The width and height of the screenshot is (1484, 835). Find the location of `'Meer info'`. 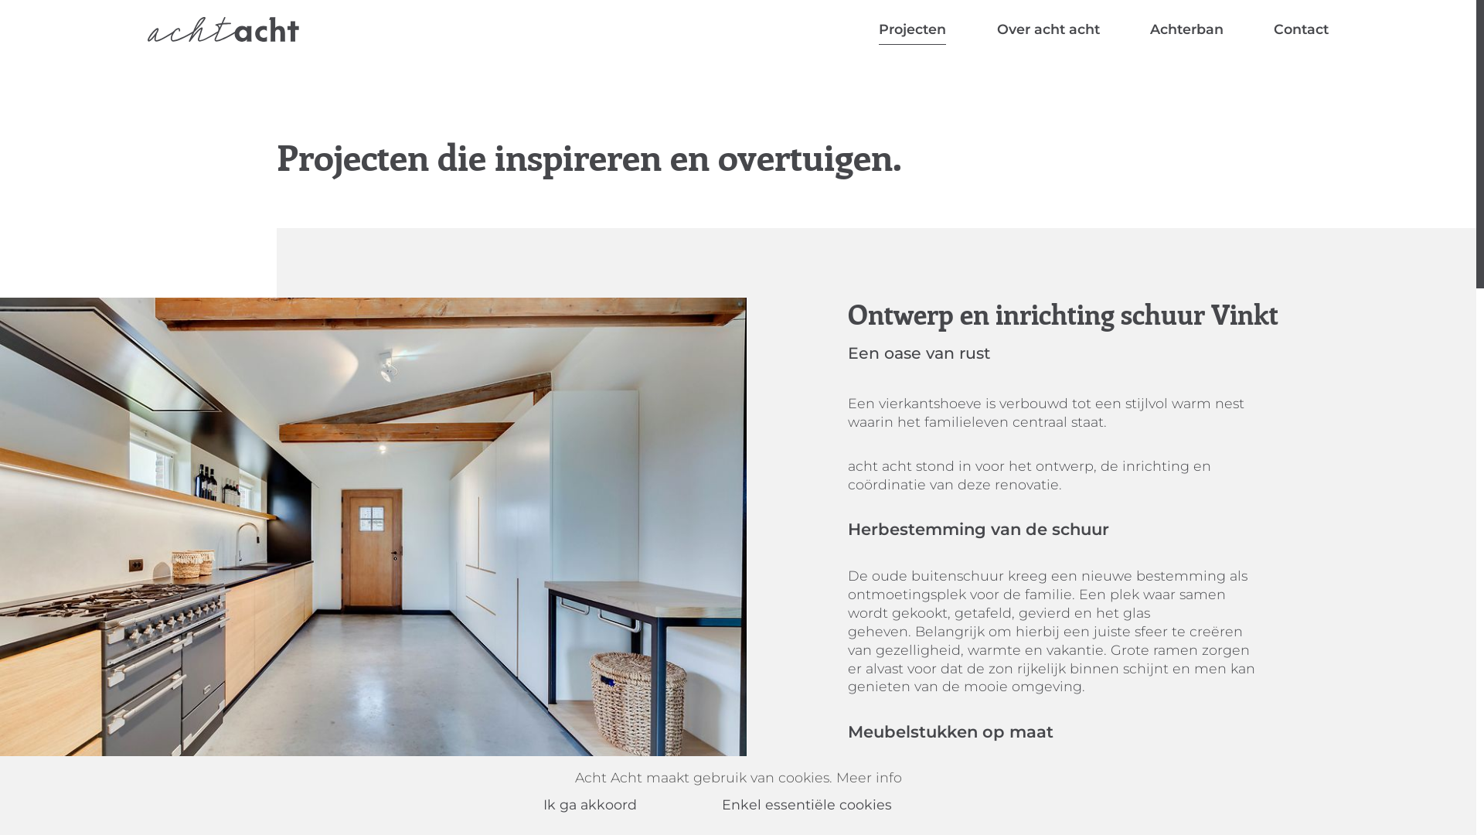

'Meer info' is located at coordinates (869, 777).